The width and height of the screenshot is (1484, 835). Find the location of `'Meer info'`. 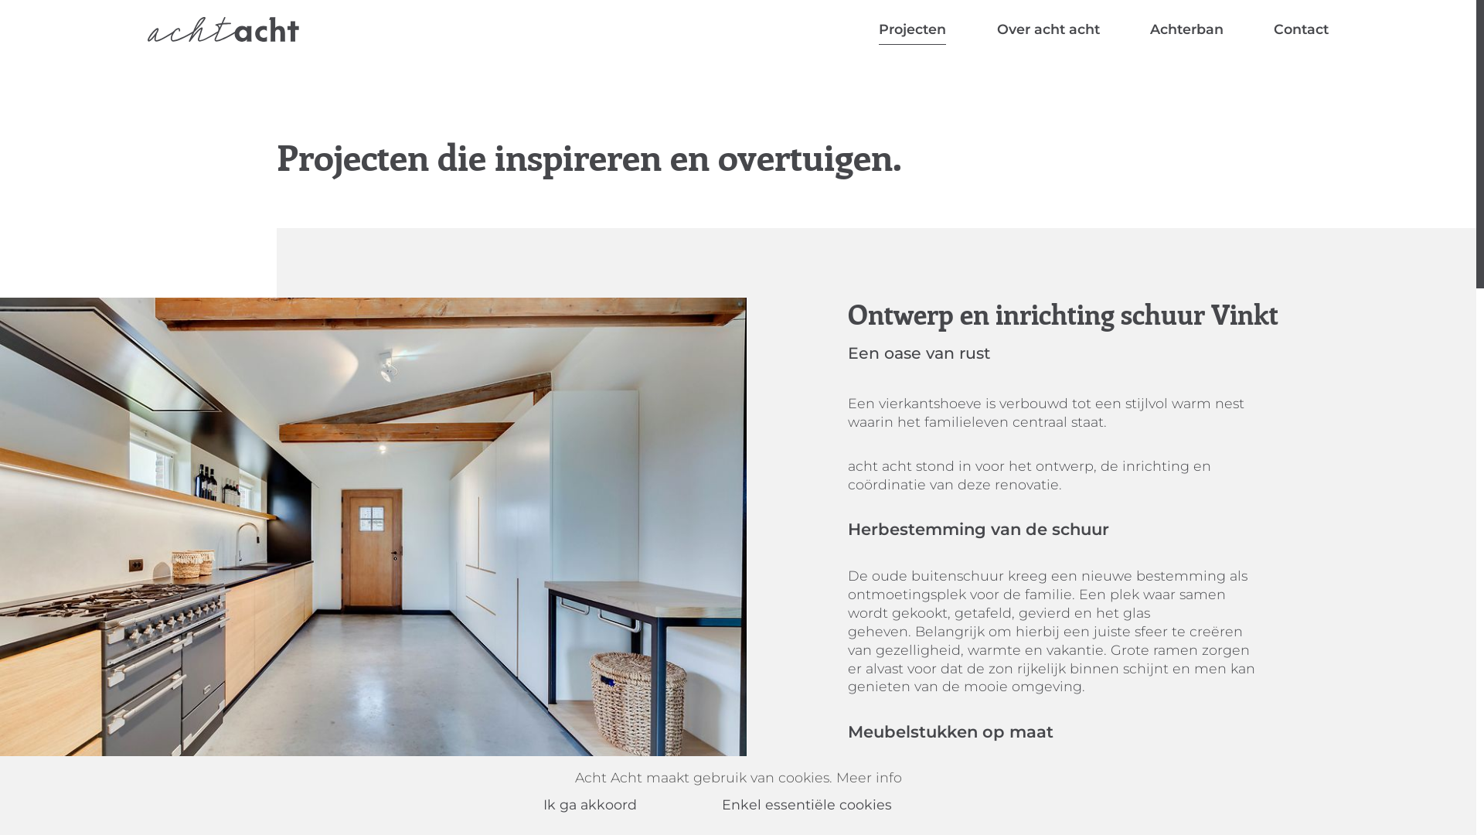

'Meer info' is located at coordinates (869, 777).